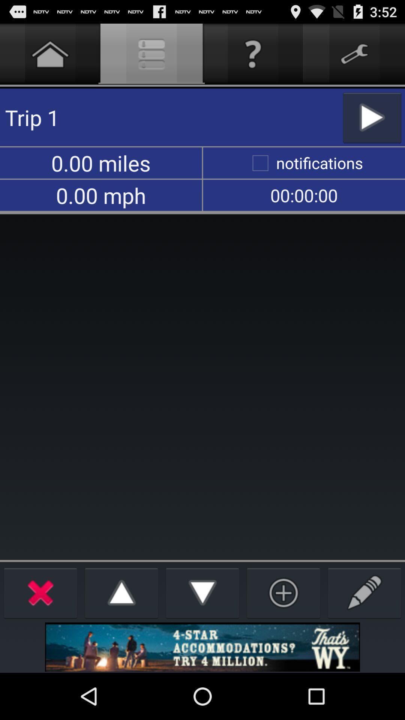 The image size is (405, 720). Describe the element at coordinates (364, 592) in the screenshot. I see `open new document` at that location.